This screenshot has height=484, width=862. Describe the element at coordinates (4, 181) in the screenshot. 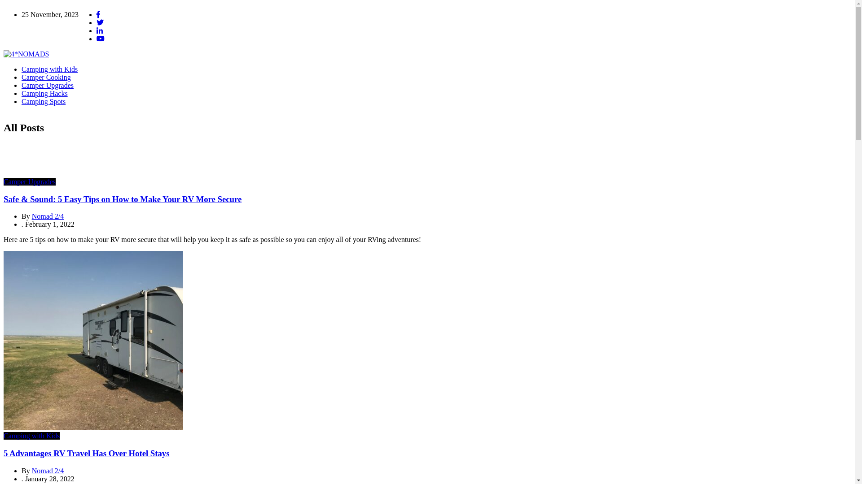

I see `'Camper Upgrades'` at that location.